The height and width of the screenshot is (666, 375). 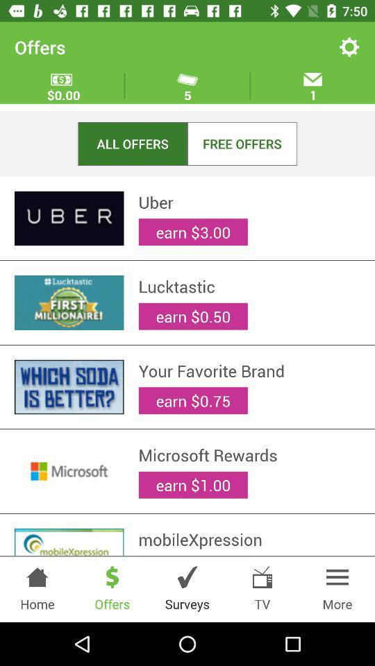 What do you see at coordinates (241, 144) in the screenshot?
I see `the item below 5 item` at bounding box center [241, 144].